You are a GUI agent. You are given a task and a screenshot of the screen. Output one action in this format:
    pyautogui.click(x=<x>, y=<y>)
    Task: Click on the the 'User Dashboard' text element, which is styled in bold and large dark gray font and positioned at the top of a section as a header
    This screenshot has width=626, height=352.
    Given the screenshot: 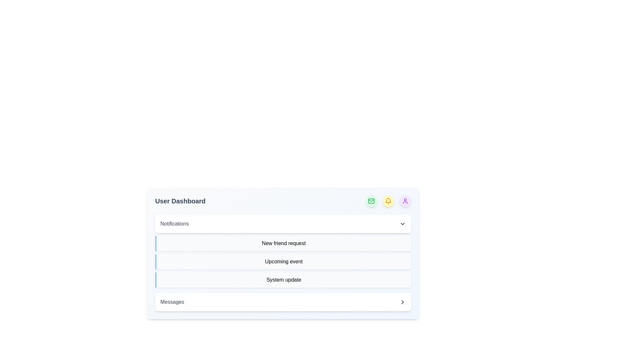 What is the action you would take?
    pyautogui.click(x=180, y=201)
    